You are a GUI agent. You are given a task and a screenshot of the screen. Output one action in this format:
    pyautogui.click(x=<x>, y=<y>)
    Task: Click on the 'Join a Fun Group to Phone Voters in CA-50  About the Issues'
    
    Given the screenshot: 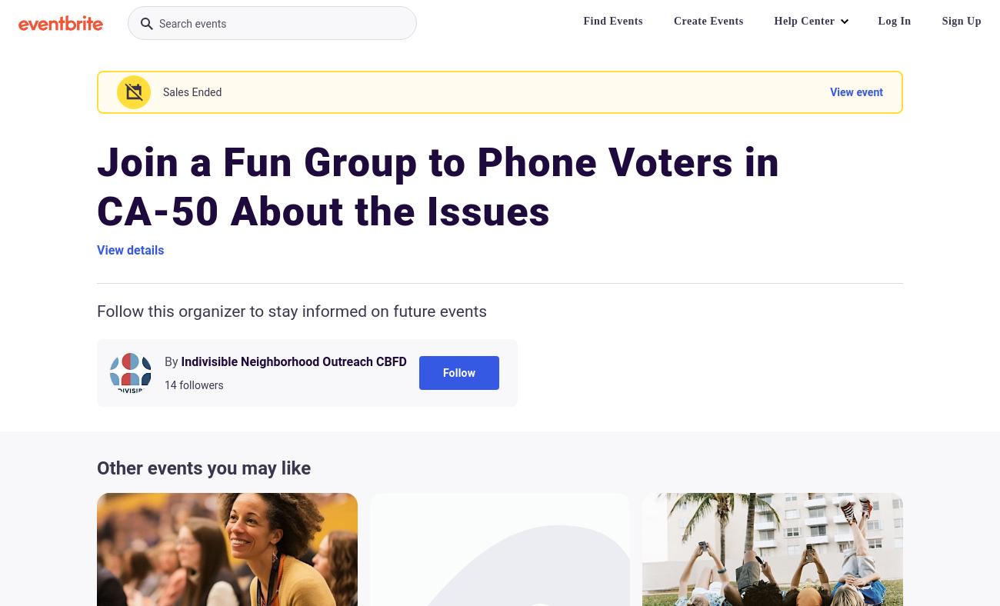 What is the action you would take?
    pyautogui.click(x=437, y=186)
    